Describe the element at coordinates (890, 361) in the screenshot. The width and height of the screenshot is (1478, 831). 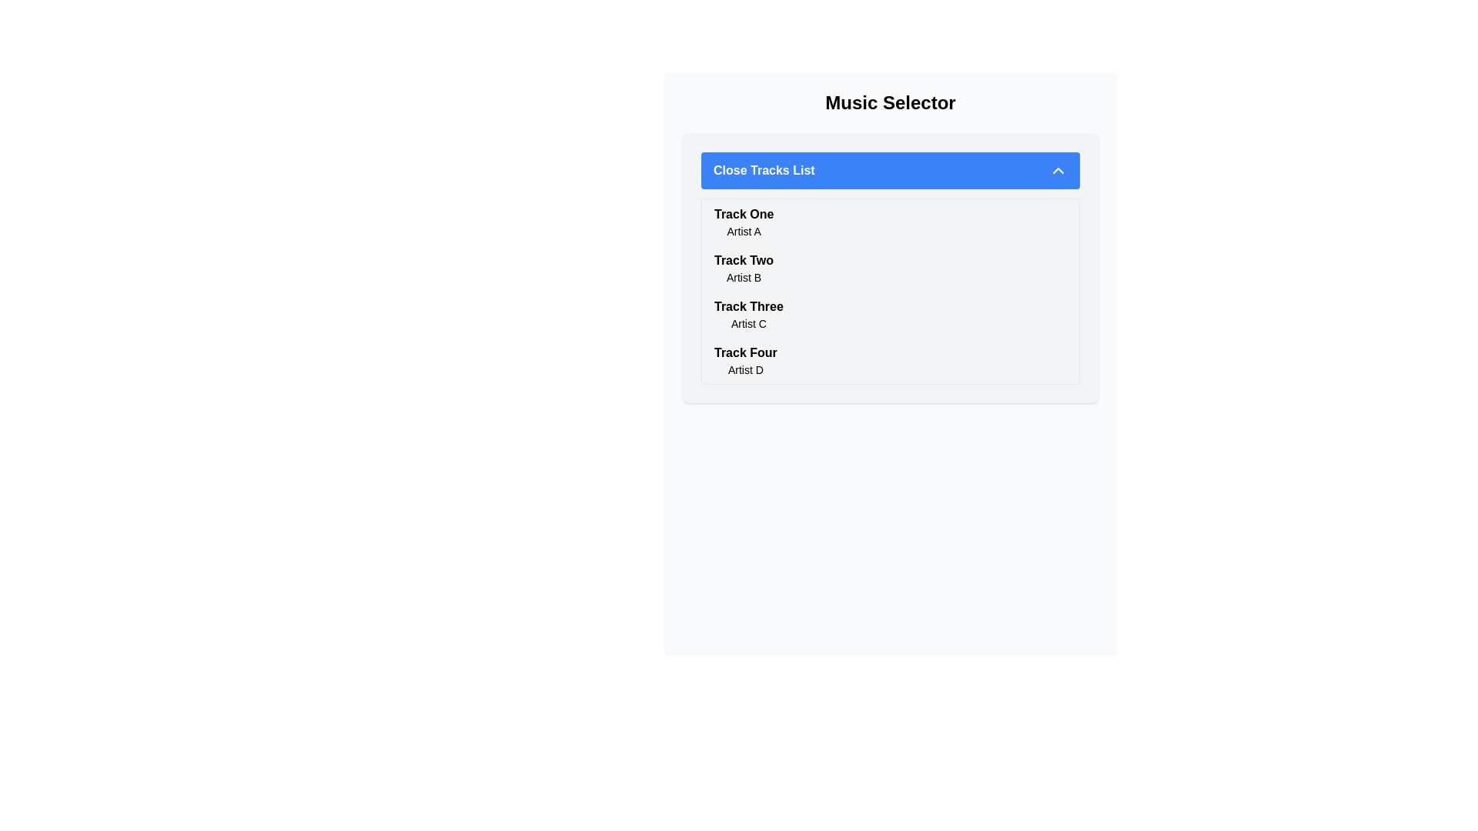
I see `the List item displaying 'Track Four' by 'Artist D'` at that location.